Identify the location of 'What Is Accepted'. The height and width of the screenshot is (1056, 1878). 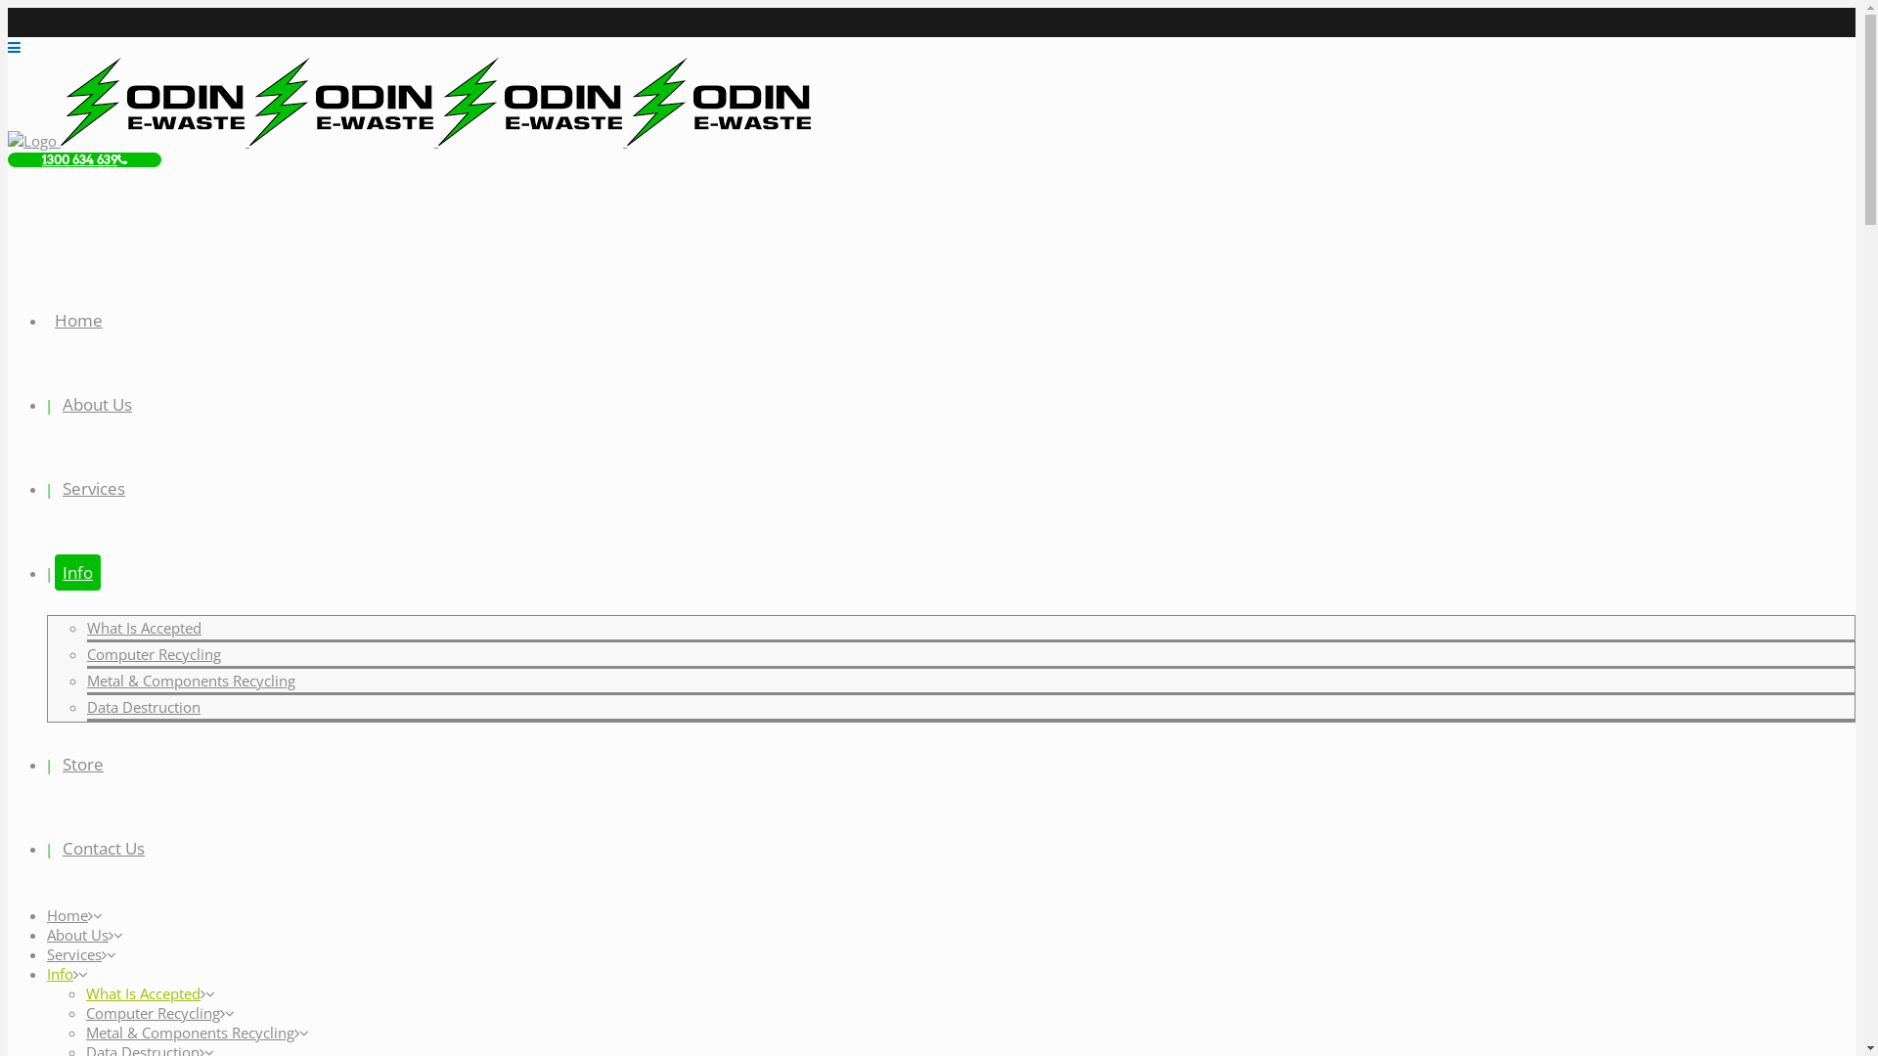
(142, 992).